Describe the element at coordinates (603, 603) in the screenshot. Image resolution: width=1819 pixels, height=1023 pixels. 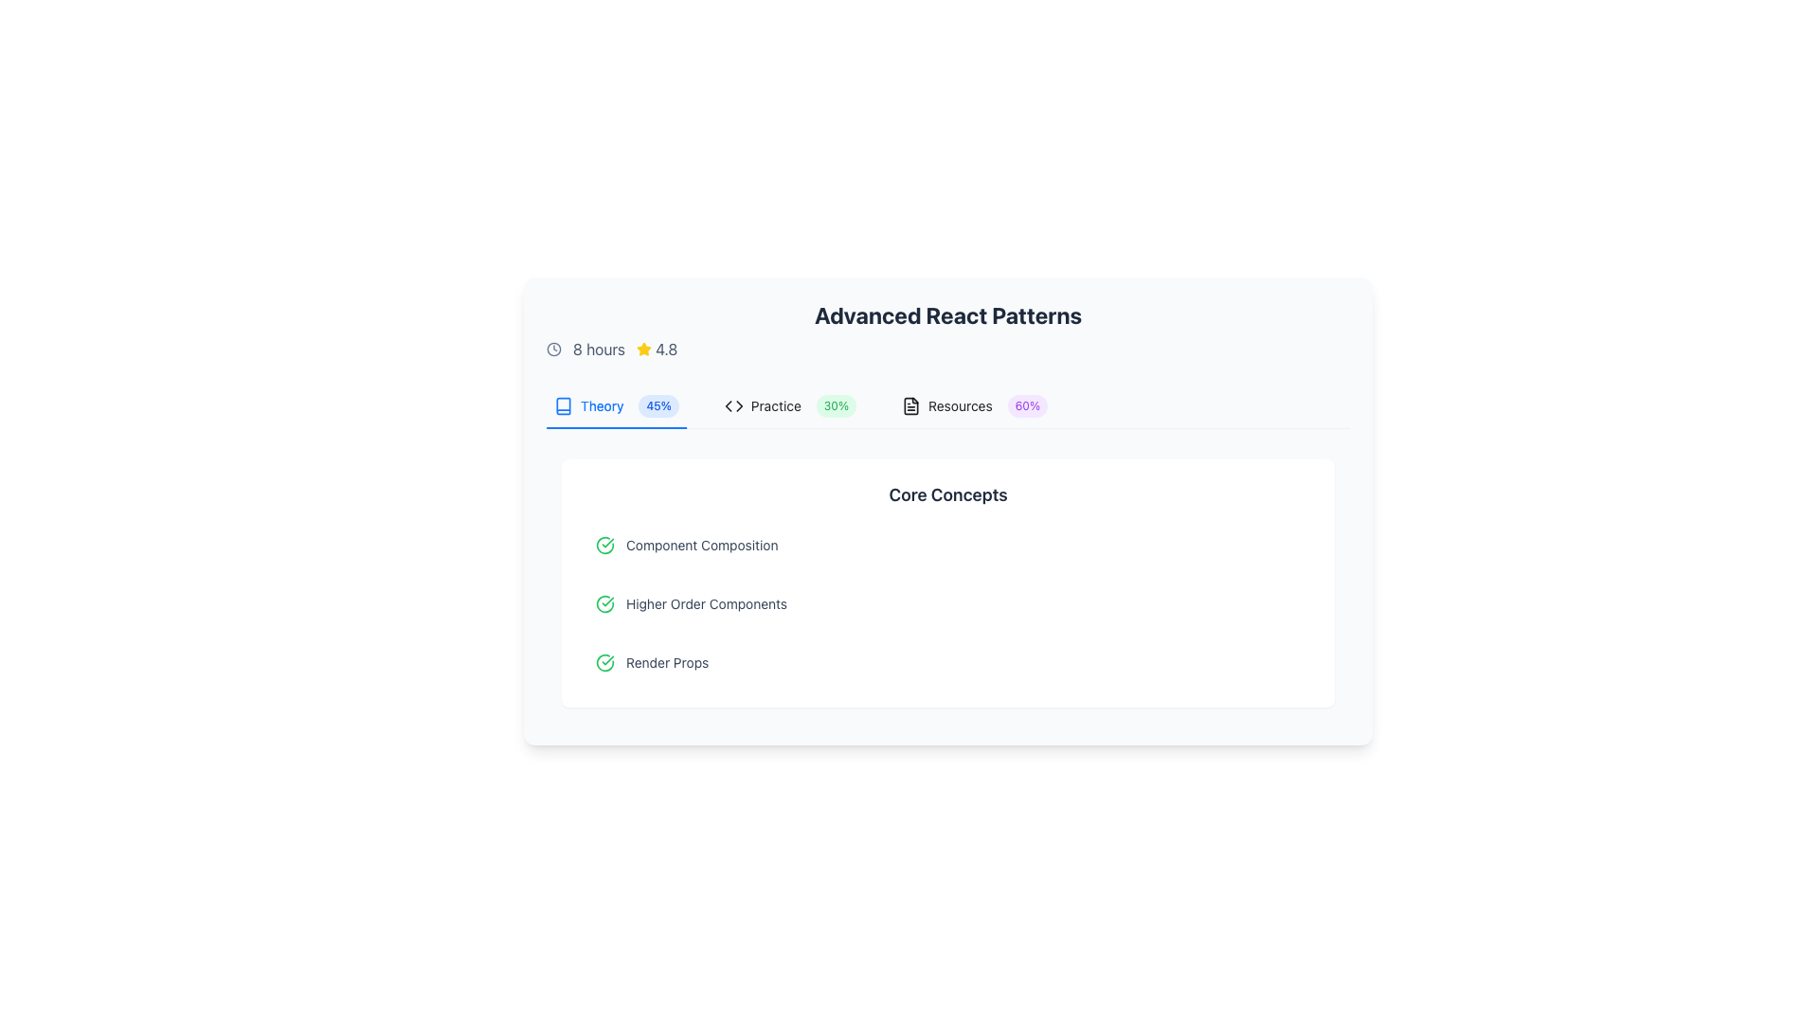
I see `the leading icon of the 'Higher Order Components' list item in the 'Core Concepts' section` at that location.